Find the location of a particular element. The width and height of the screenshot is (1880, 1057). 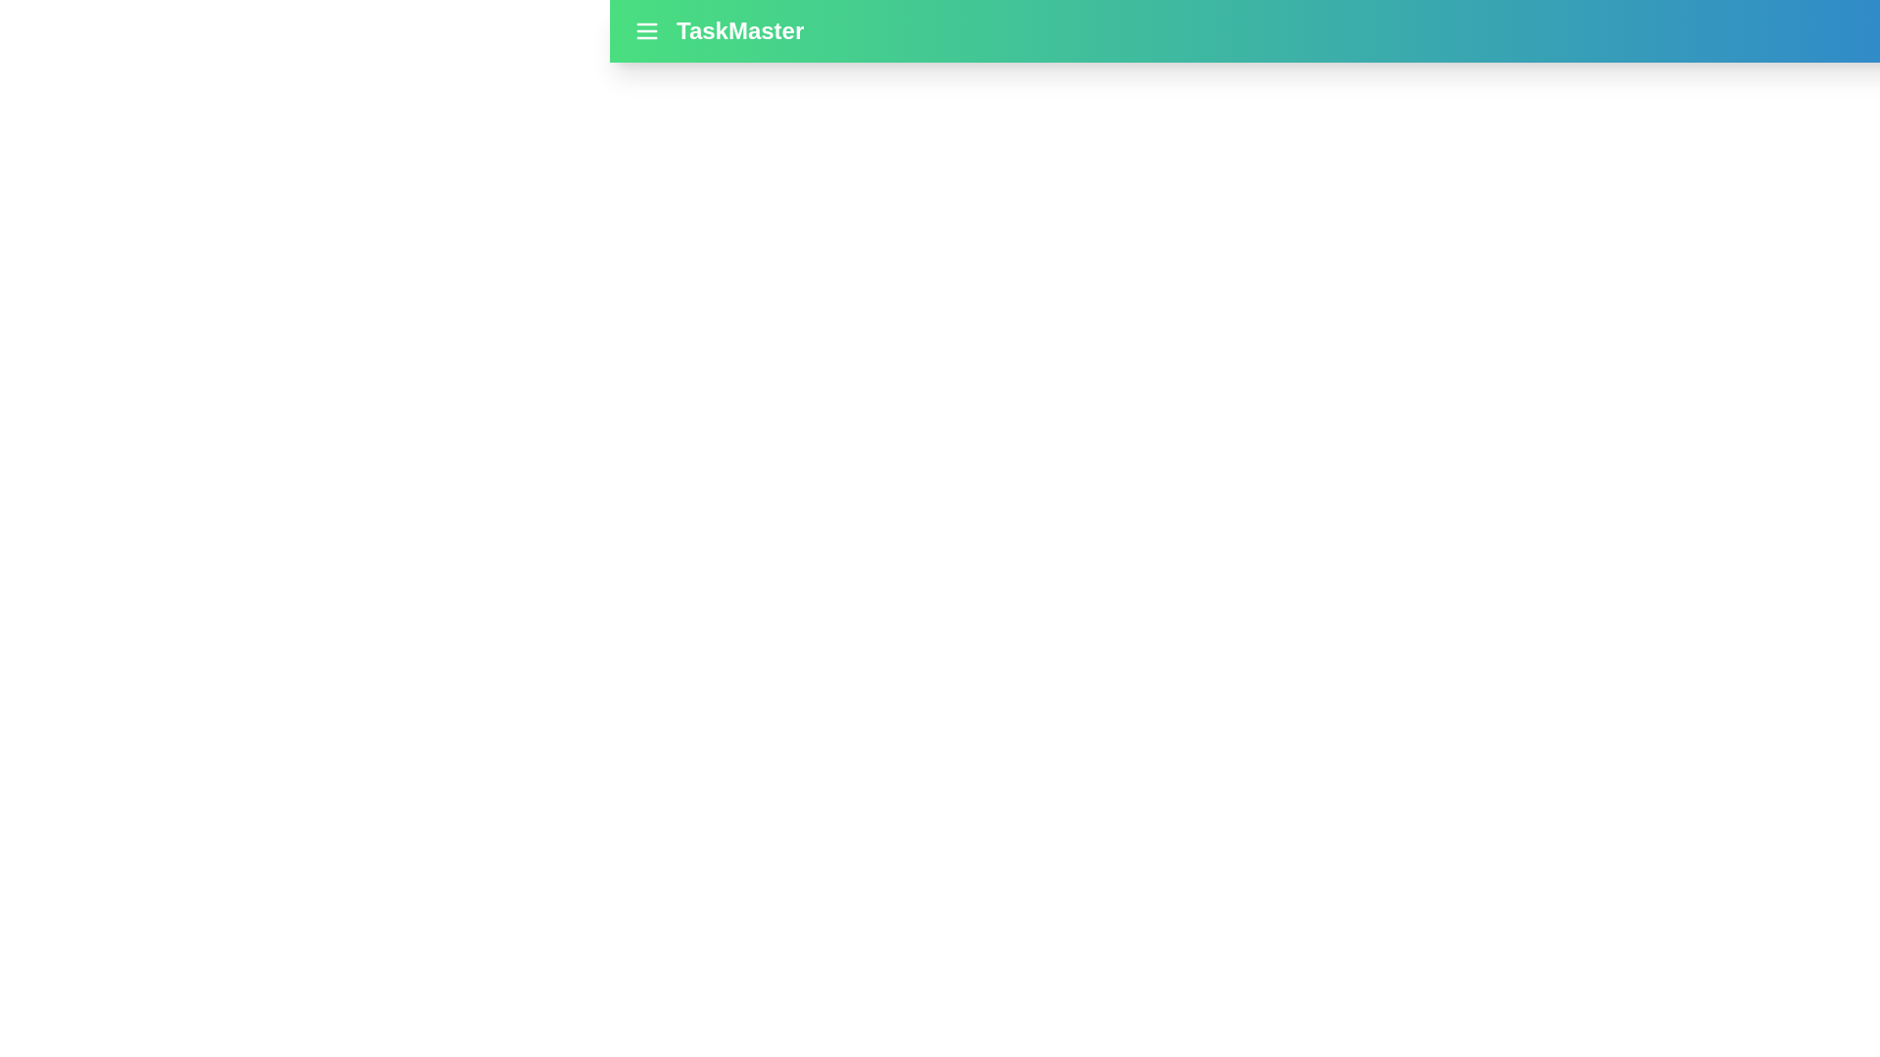

the app title 'TaskMaster' to focus on it is located at coordinates (718, 30).